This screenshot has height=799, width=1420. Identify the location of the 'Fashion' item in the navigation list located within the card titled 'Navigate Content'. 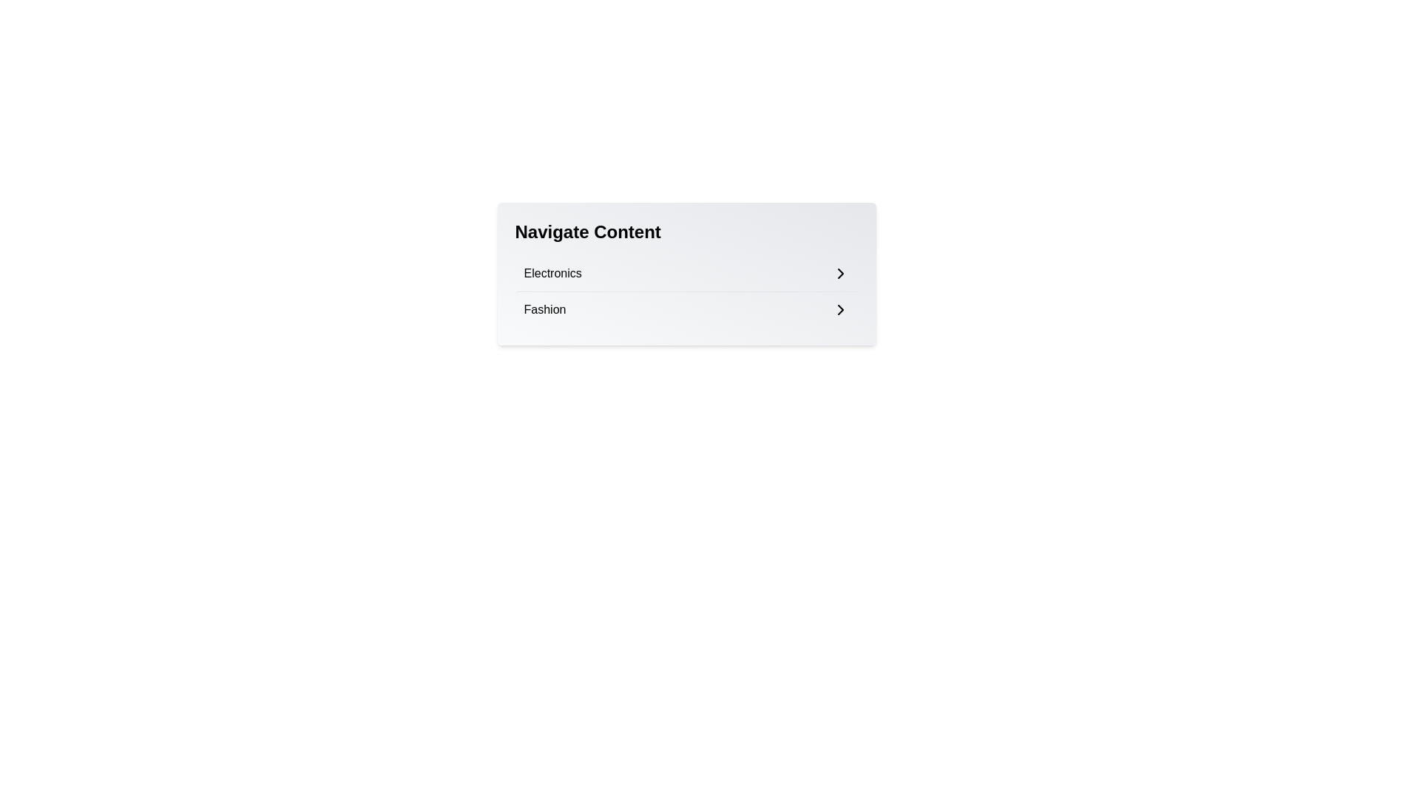
(686, 291).